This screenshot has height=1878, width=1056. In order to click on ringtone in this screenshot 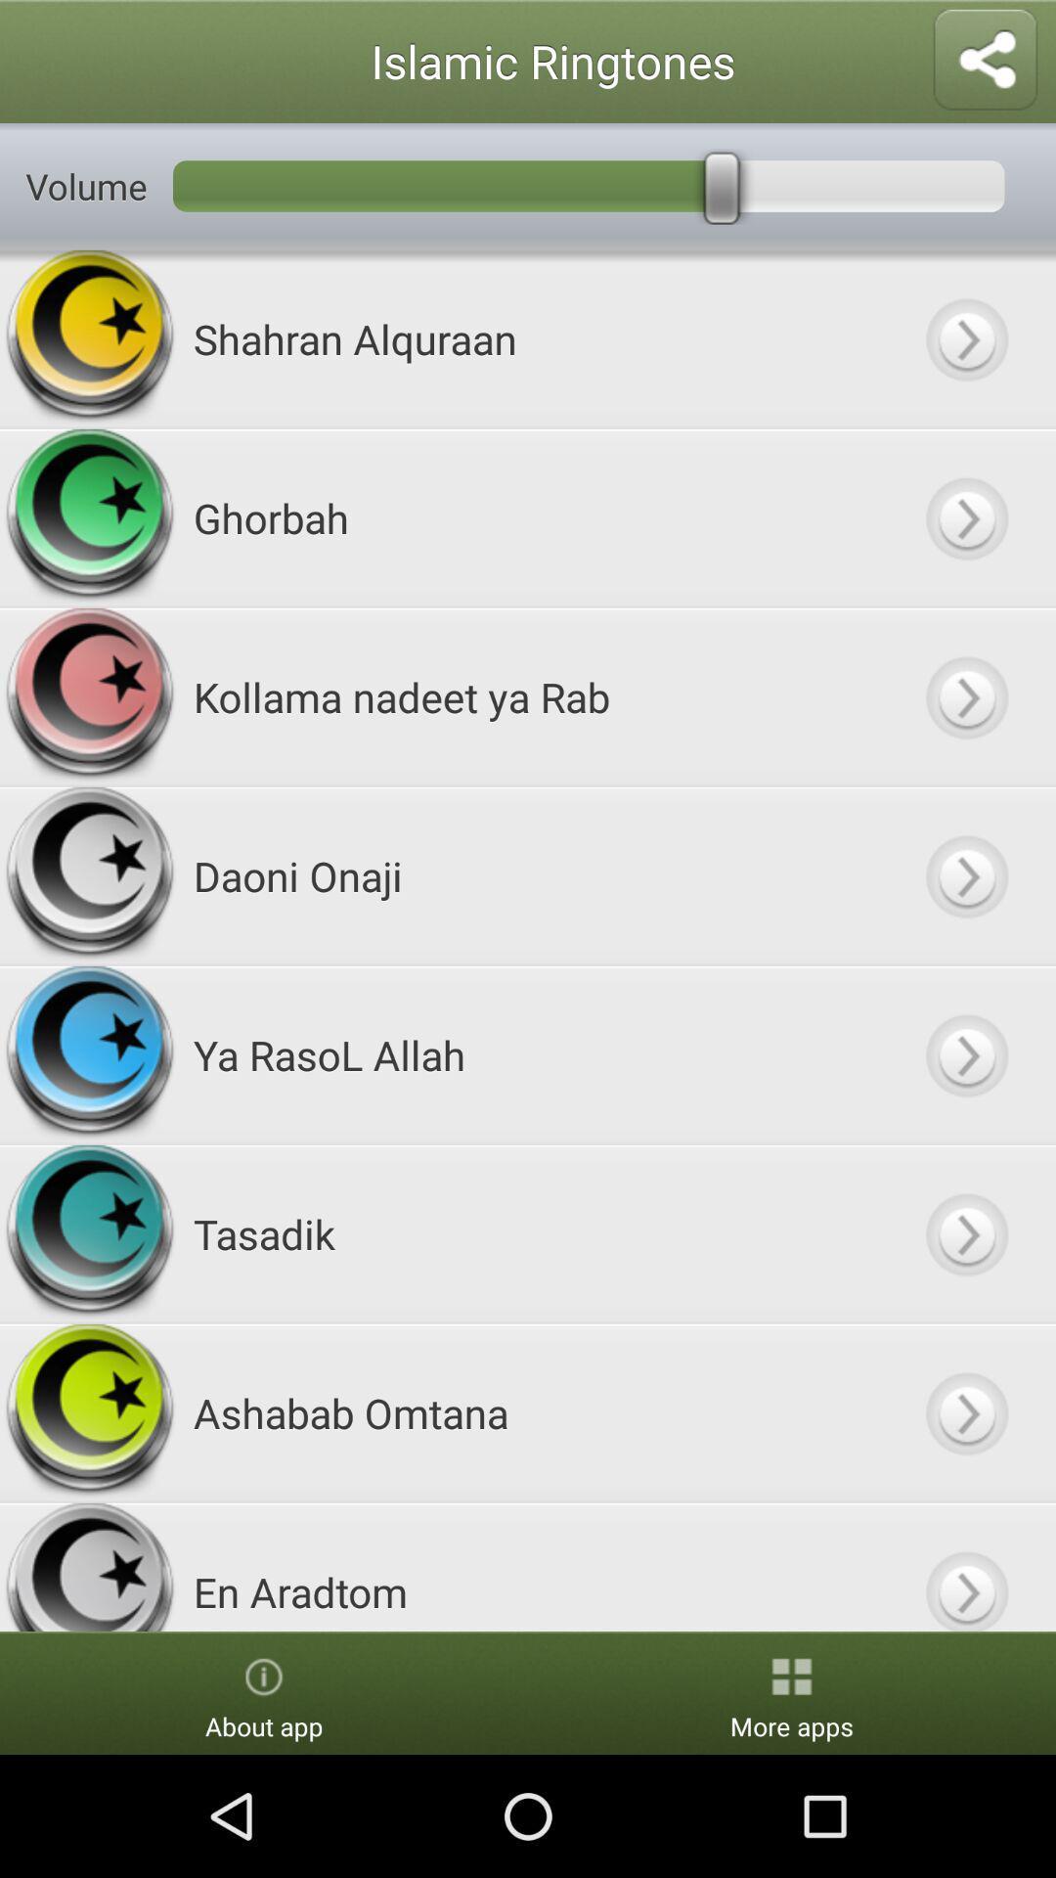, I will do `click(965, 338)`.